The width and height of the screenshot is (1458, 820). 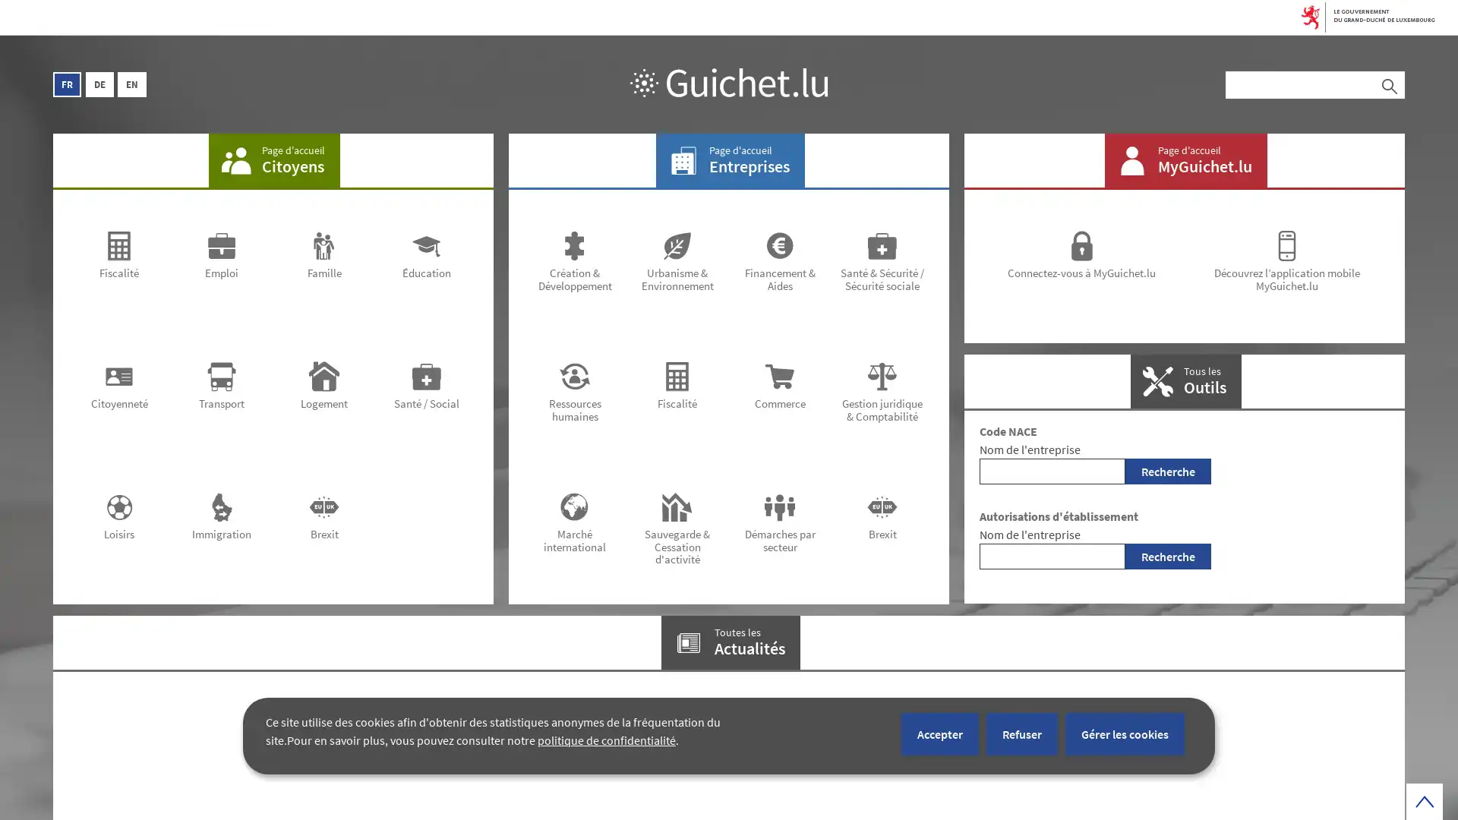 I want to click on Gerer les cookies, so click(x=1125, y=733).